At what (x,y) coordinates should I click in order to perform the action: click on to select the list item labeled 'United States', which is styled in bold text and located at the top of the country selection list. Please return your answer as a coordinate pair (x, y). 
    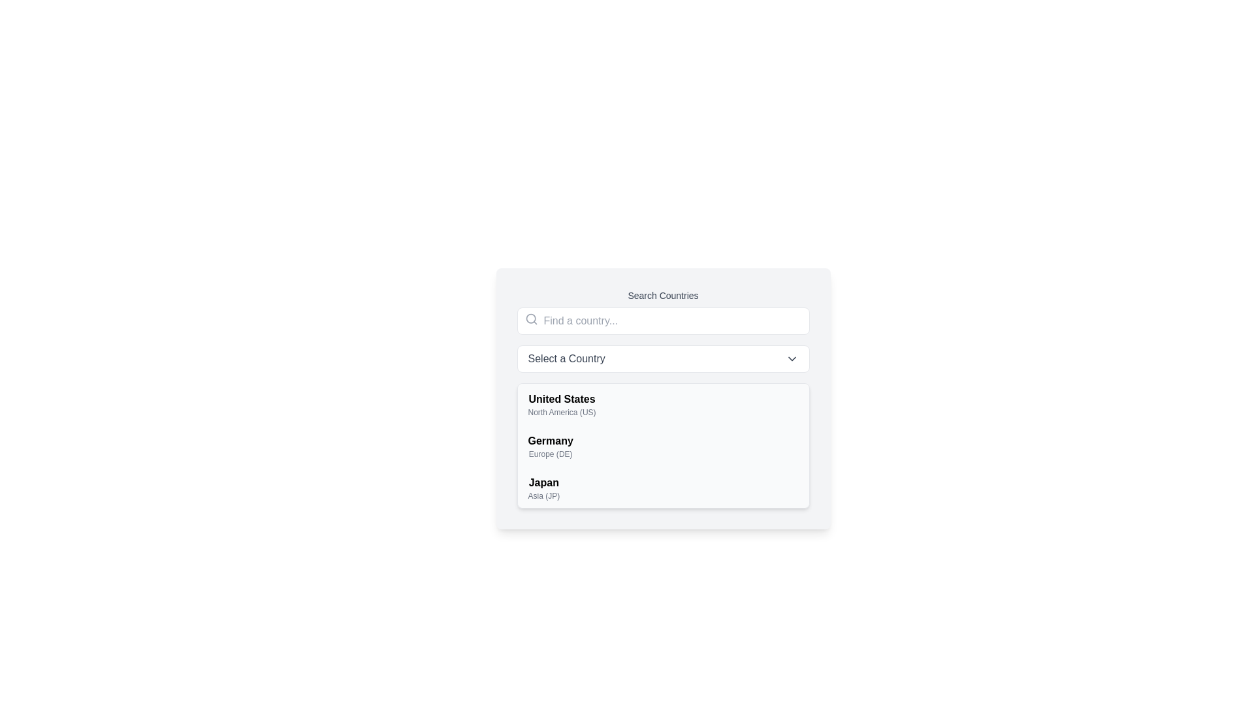
    Looking at the image, I should click on (562, 404).